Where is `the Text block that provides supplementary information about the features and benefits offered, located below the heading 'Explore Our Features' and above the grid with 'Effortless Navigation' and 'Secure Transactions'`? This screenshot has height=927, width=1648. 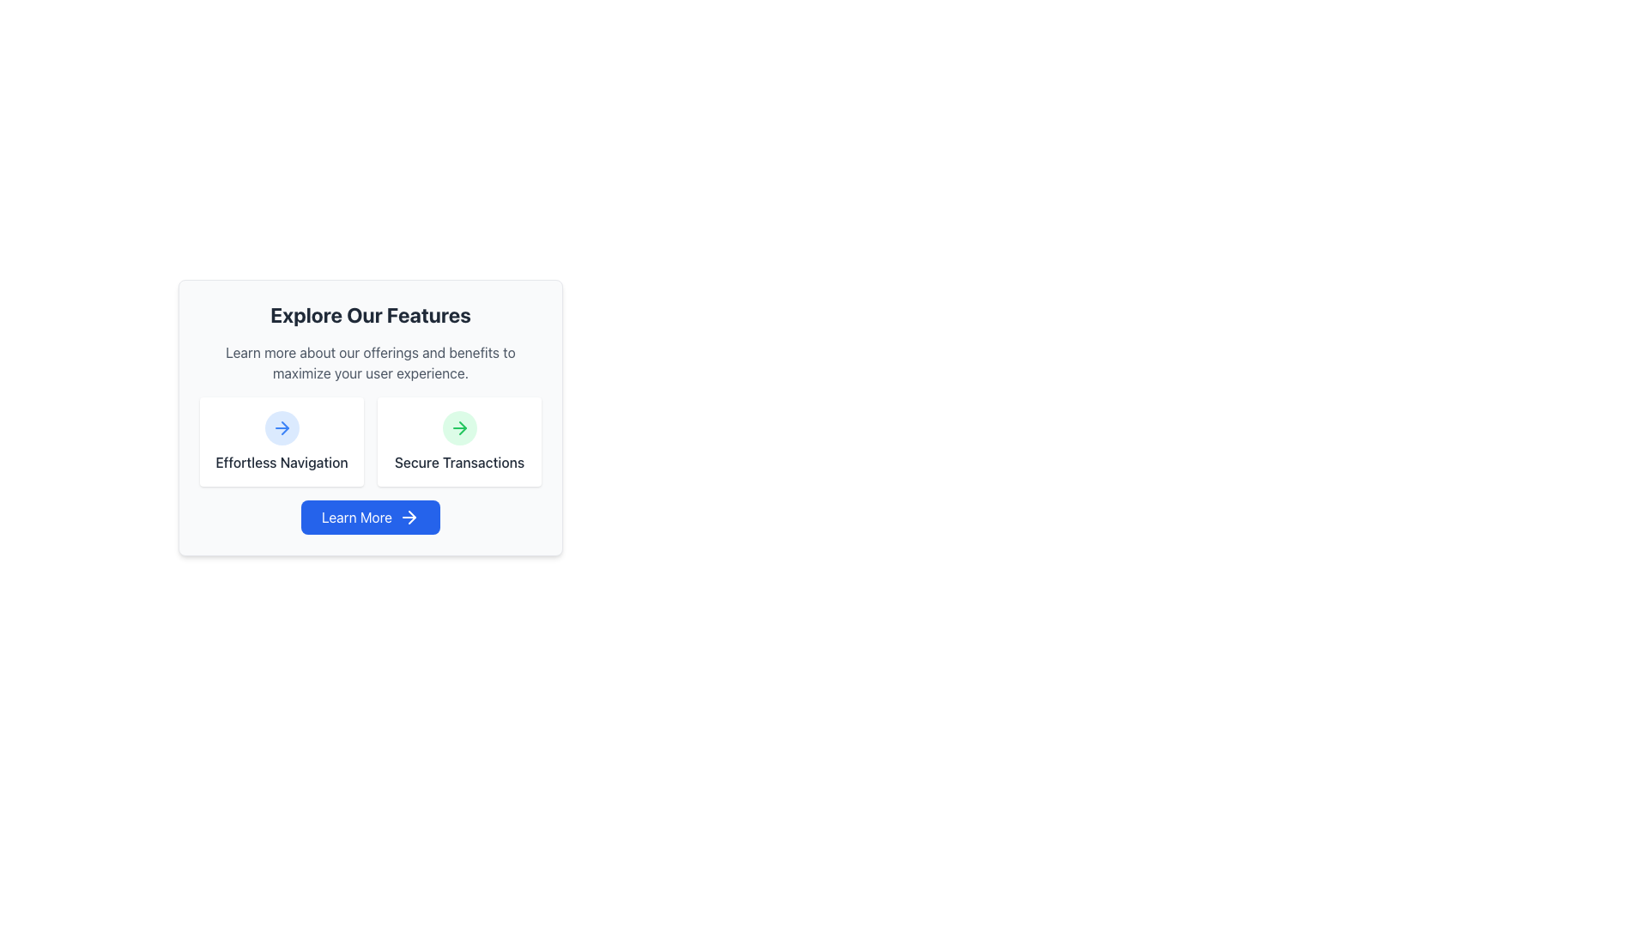 the Text block that provides supplementary information about the features and benefits offered, located below the heading 'Explore Our Features' and above the grid with 'Effortless Navigation' and 'Secure Transactions' is located at coordinates (370, 362).